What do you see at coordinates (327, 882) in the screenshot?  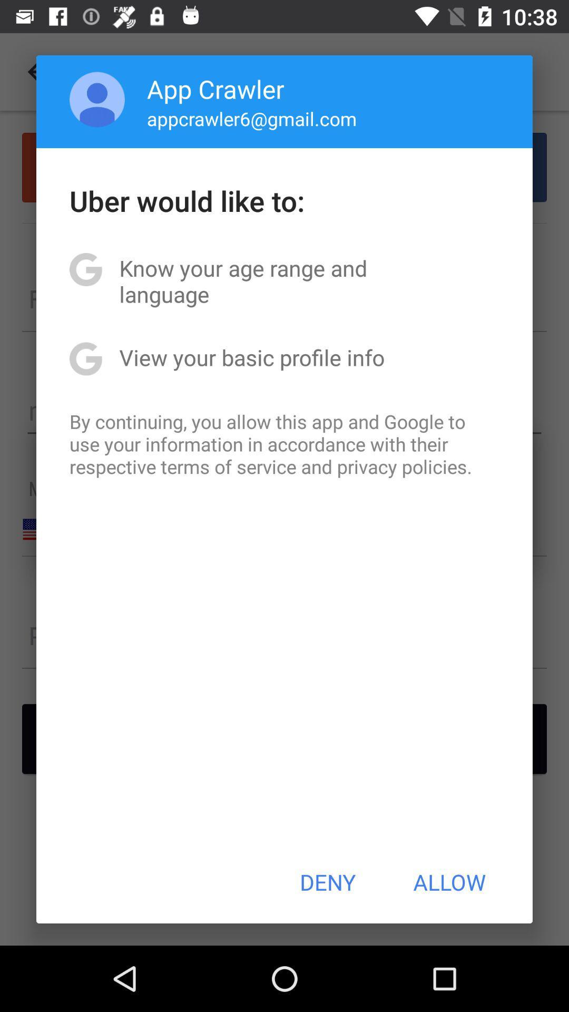 I see `deny icon` at bounding box center [327, 882].